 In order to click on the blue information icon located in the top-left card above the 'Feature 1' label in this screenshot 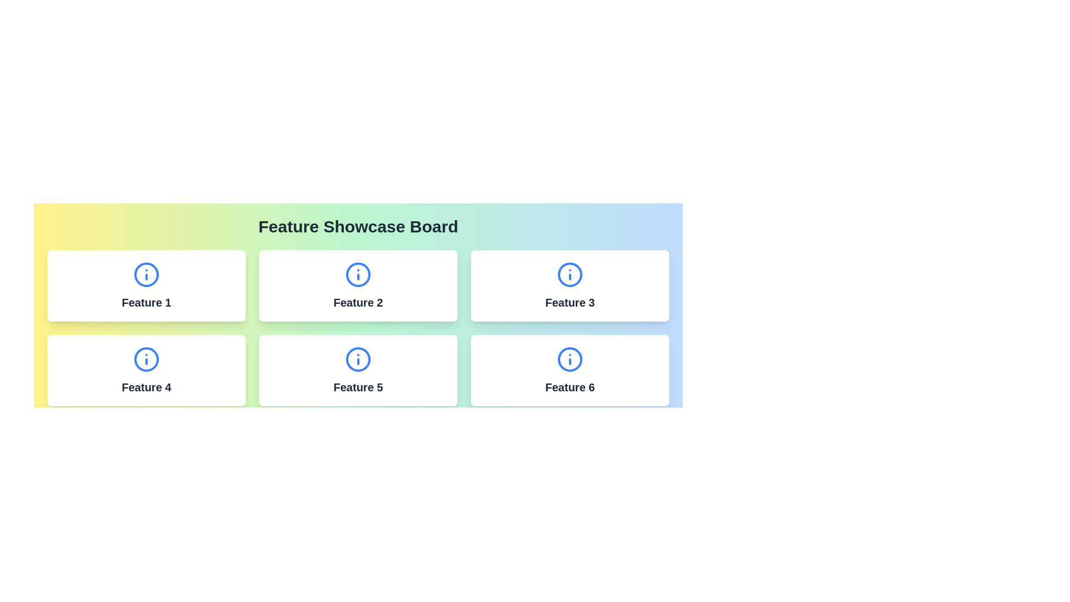, I will do `click(146, 275)`.